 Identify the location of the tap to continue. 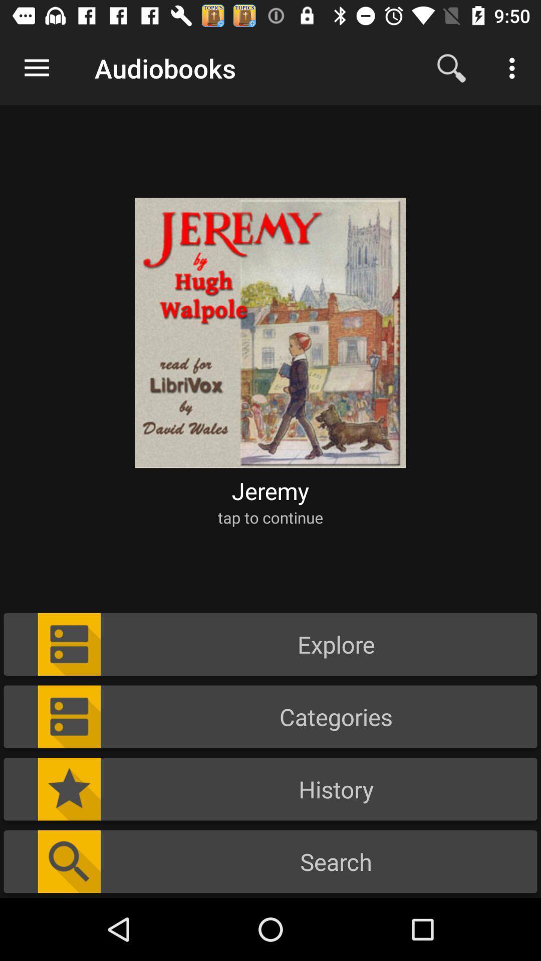
(270, 517).